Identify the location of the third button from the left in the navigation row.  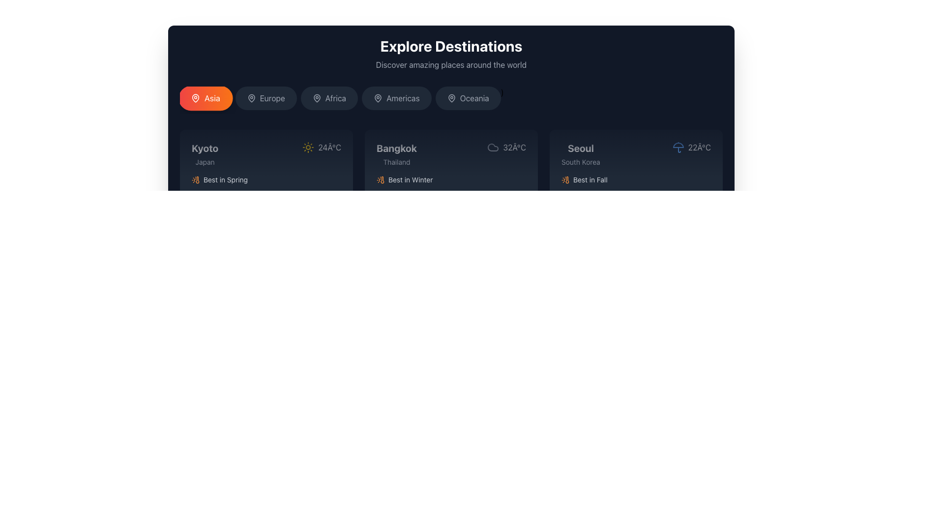
(329, 98).